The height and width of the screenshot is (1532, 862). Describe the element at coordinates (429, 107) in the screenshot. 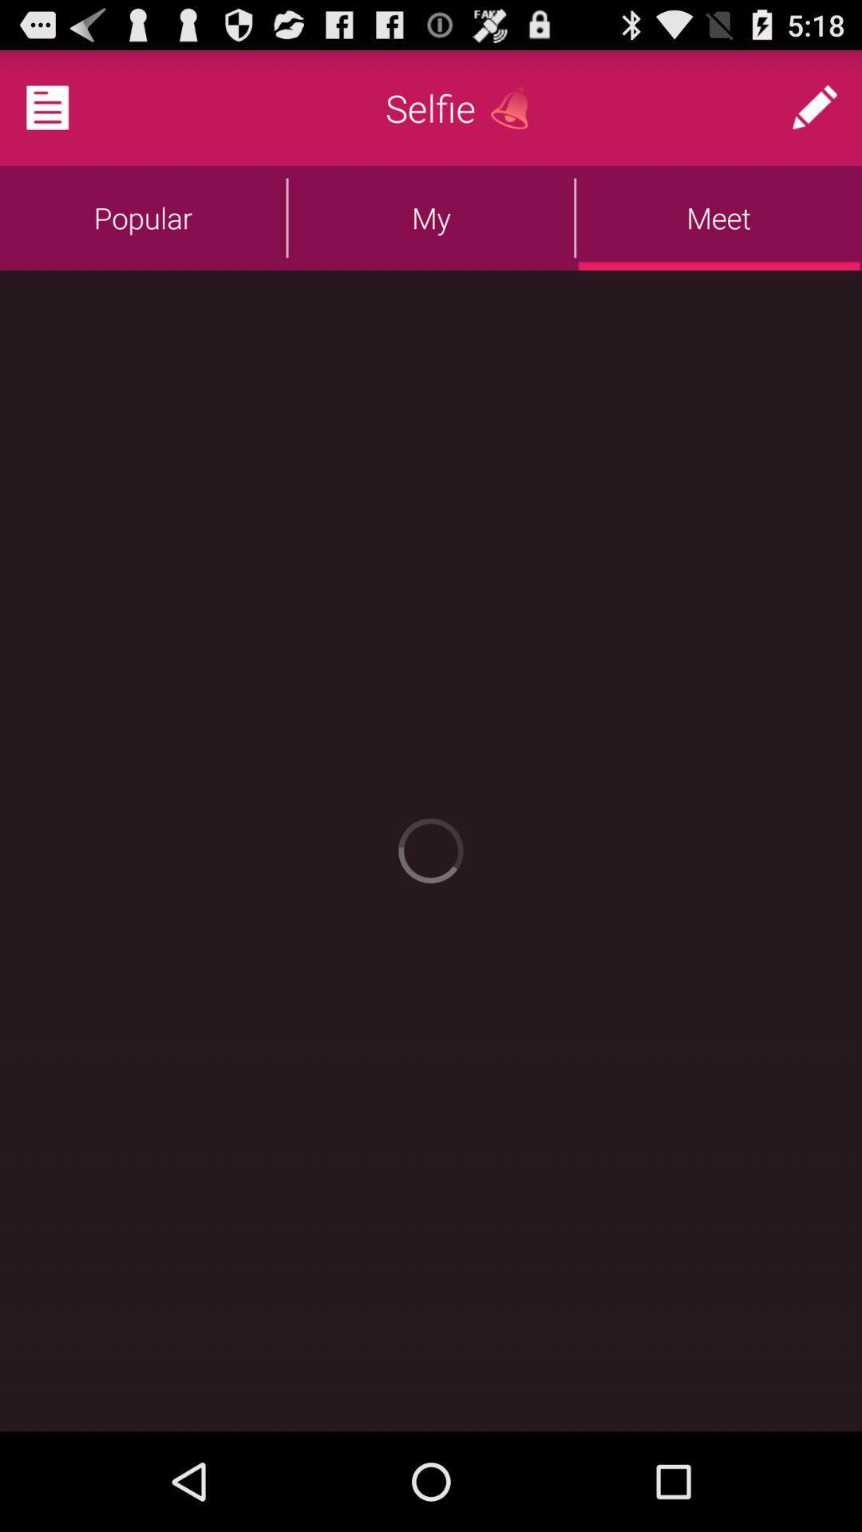

I see `app above the my icon` at that location.